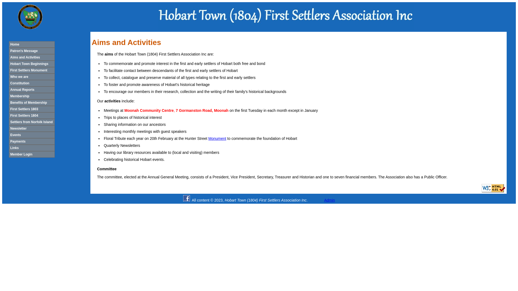  Describe the element at coordinates (32, 103) in the screenshot. I see `'Benefits of Membership'` at that location.